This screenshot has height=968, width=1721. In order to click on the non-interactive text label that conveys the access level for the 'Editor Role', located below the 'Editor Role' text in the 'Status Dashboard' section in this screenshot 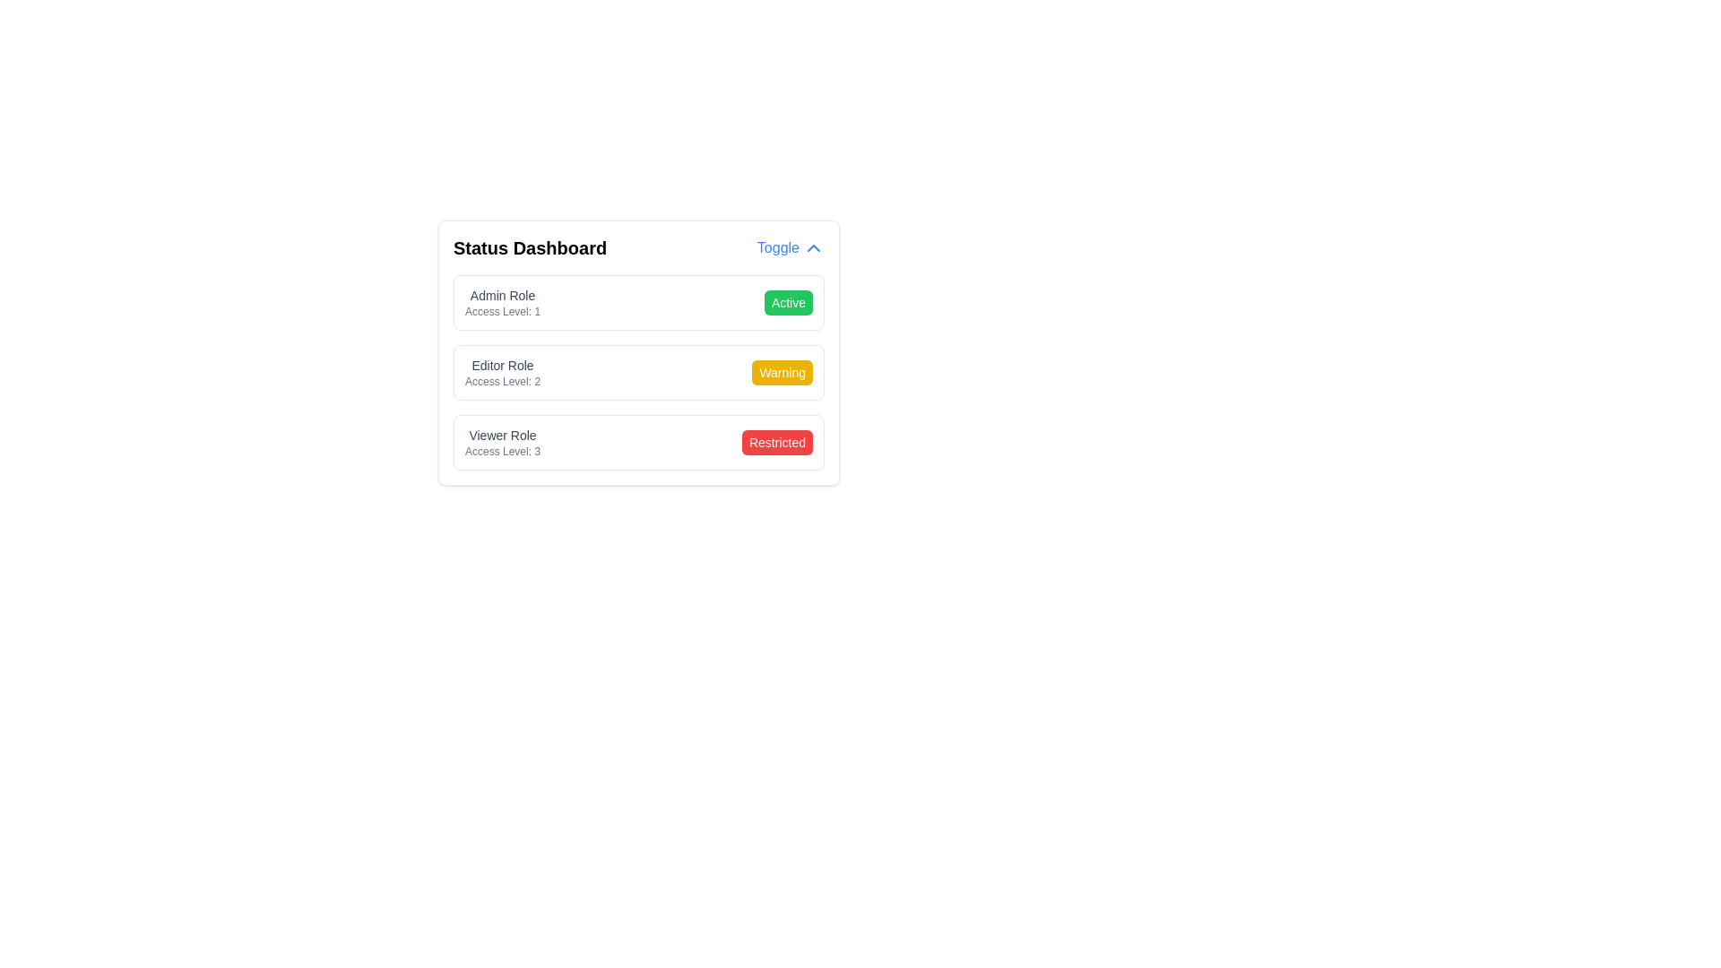, I will do `click(502, 380)`.